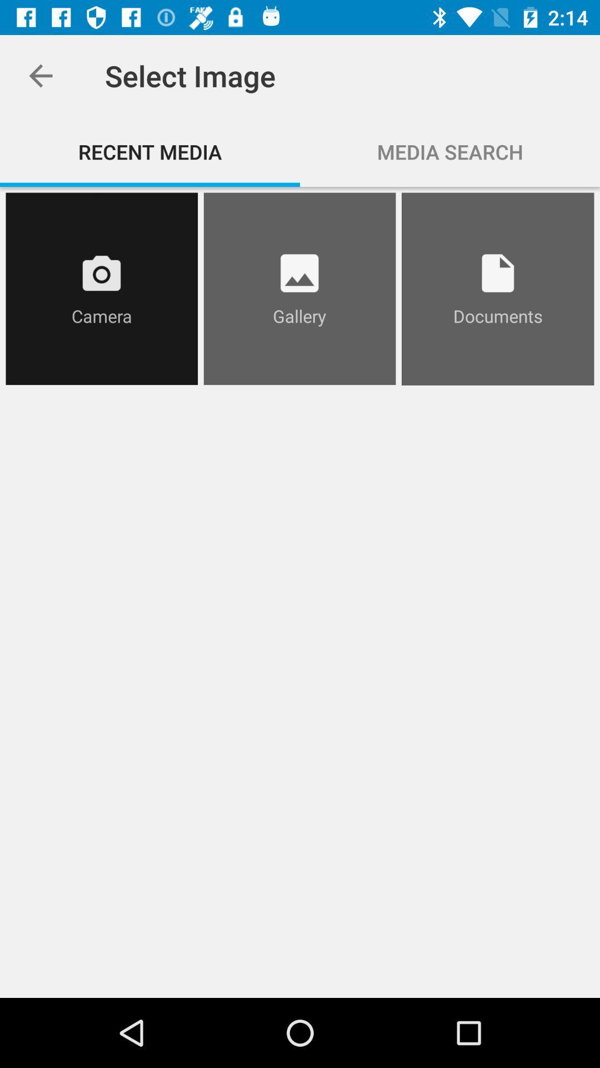  Describe the element at coordinates (450, 151) in the screenshot. I see `item next to the recent media item` at that location.